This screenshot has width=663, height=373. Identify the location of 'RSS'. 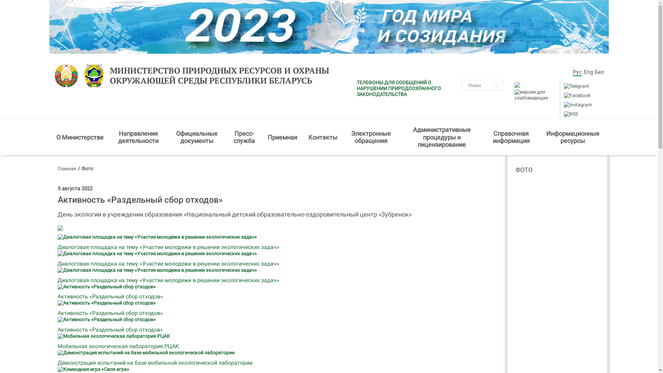
(571, 114).